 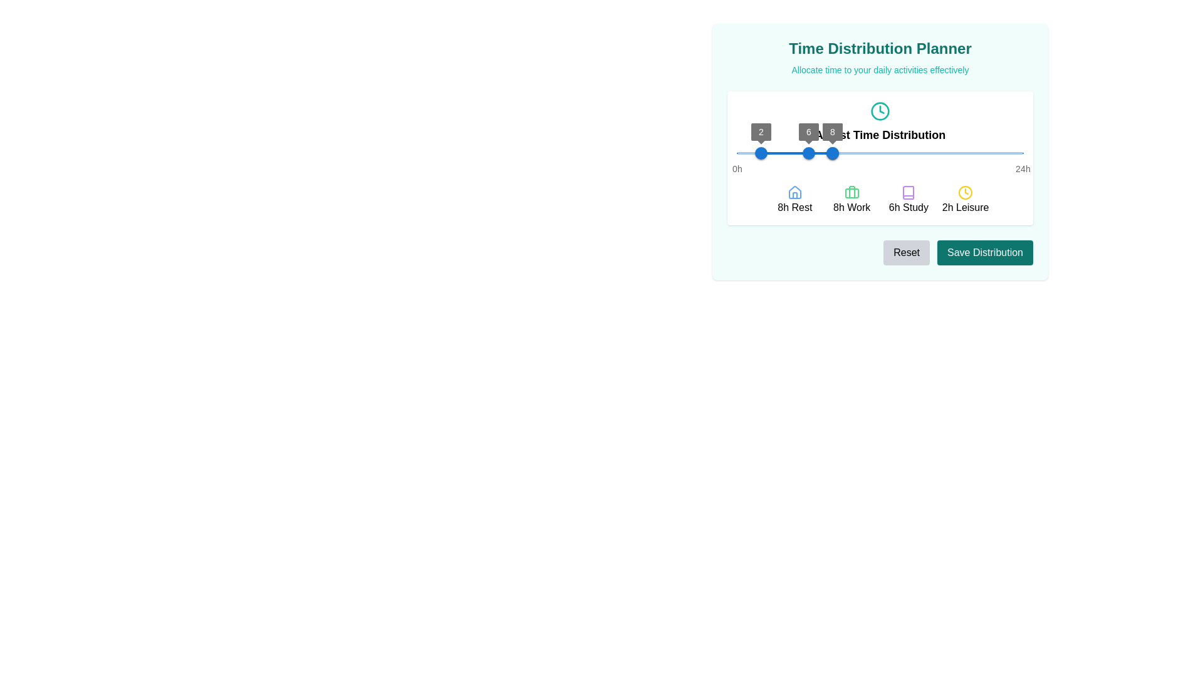 I want to click on the central circular part of the clock icon representing time management tools in the planner interface, located near the heading 'Time Distribution Planner', so click(x=965, y=193).